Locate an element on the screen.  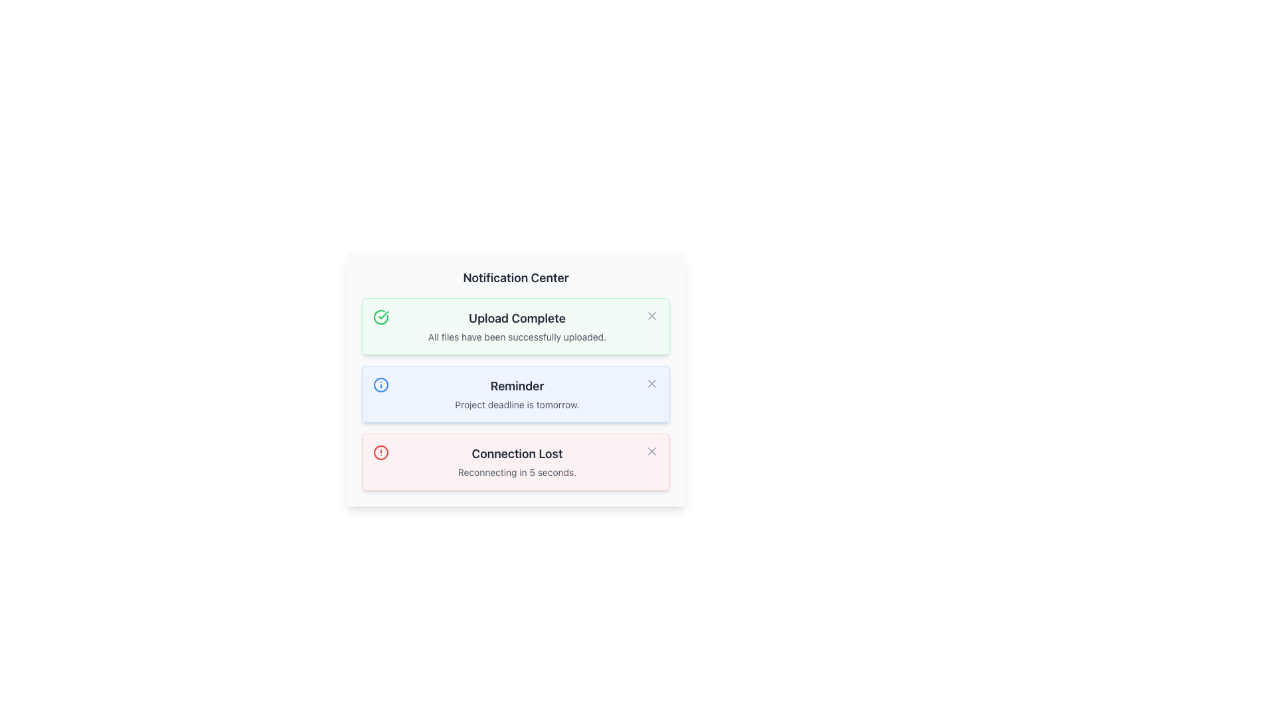
the central circular part of the 'info' icon located to the left of the 'Reminder' notification text is located at coordinates (381, 384).